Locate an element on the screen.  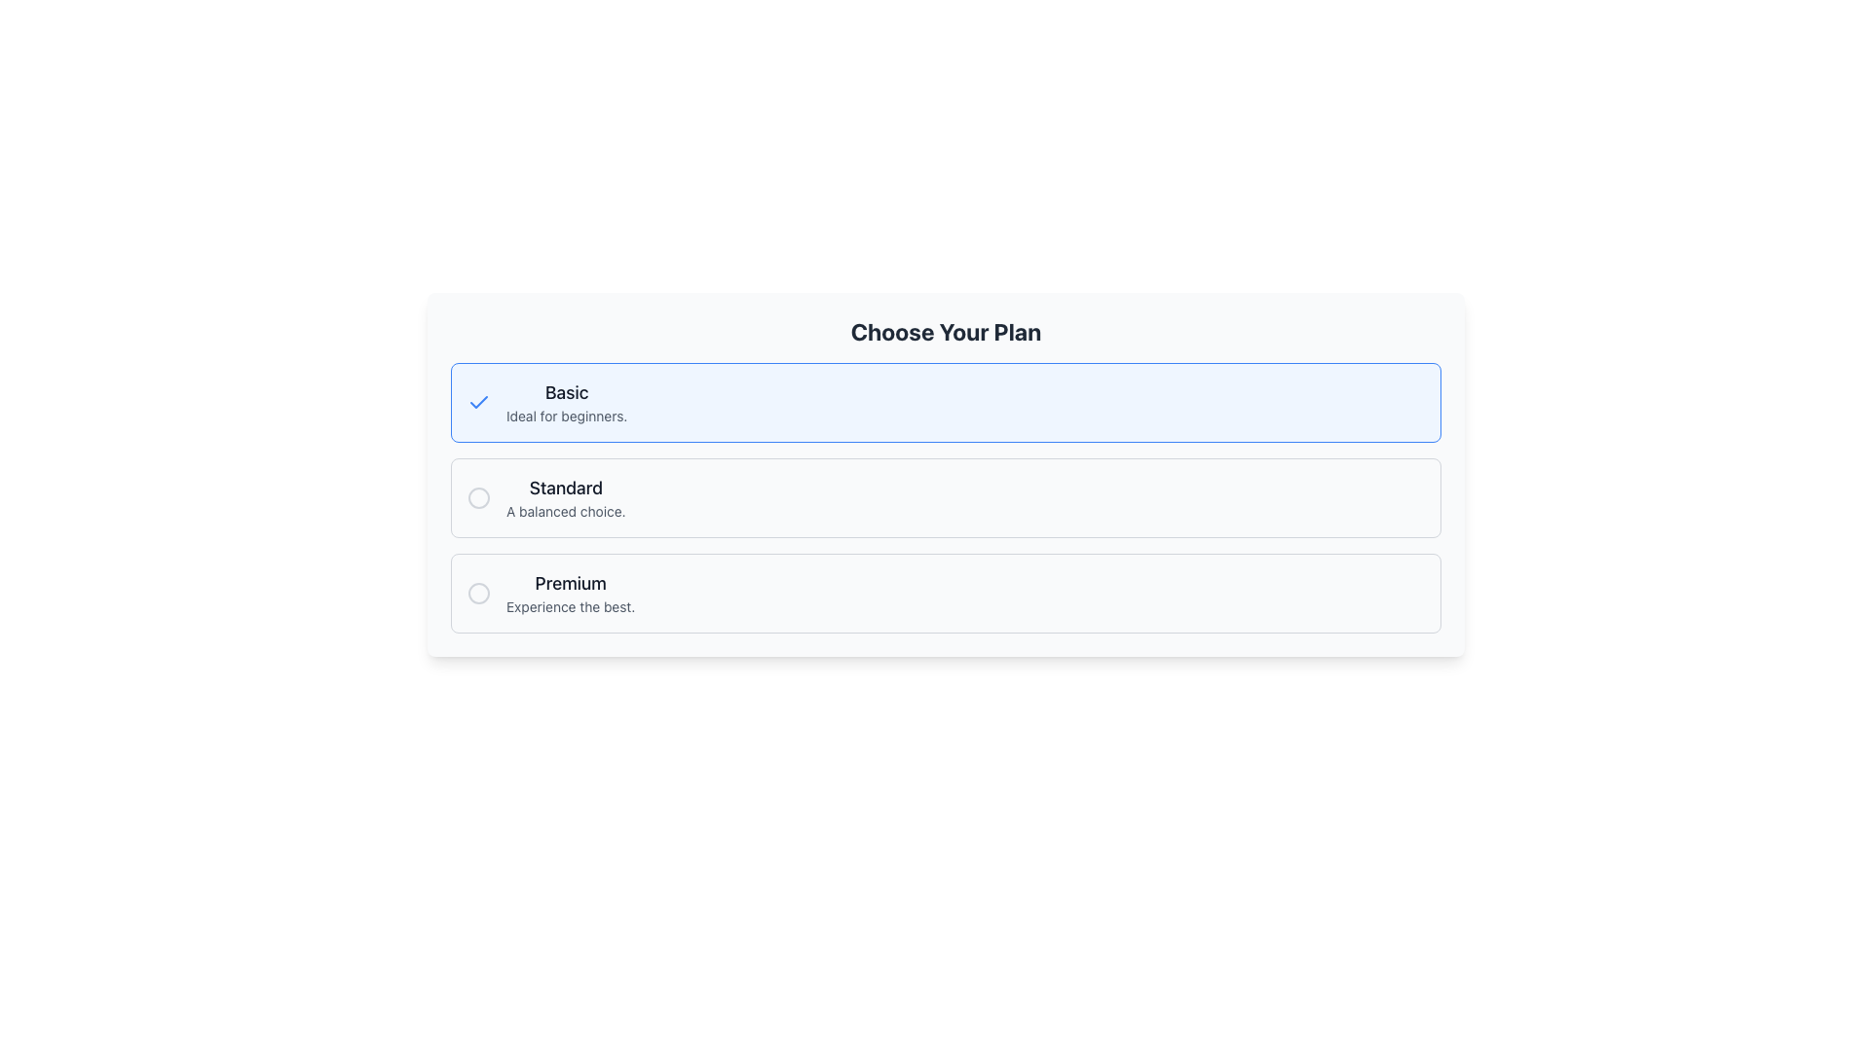
the descriptive Text label located beneath the 'Standard' option in the plan selection interface is located at coordinates (565, 510).